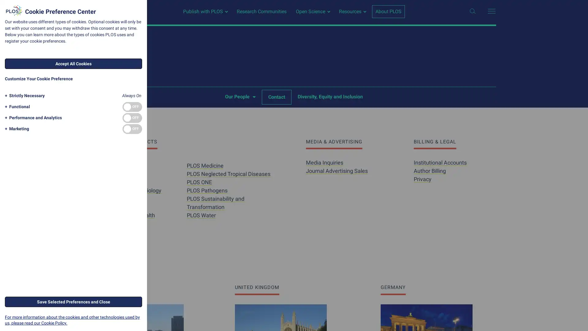  Describe the element at coordinates (16, 128) in the screenshot. I see `Toggle explanation of Marketing Cookies.` at that location.